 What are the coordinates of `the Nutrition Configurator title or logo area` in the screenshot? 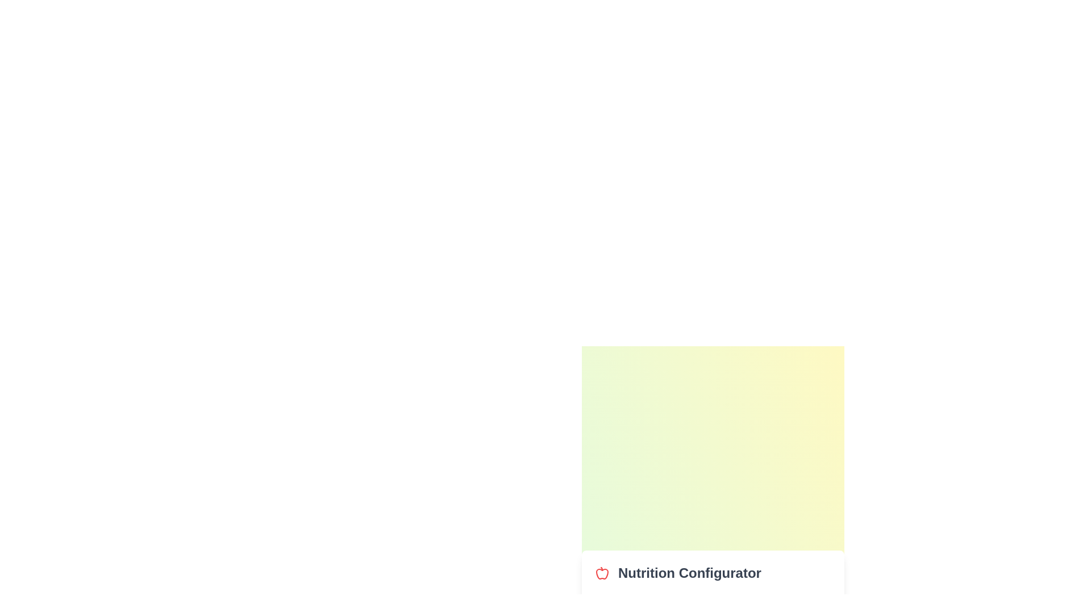 It's located at (712, 573).